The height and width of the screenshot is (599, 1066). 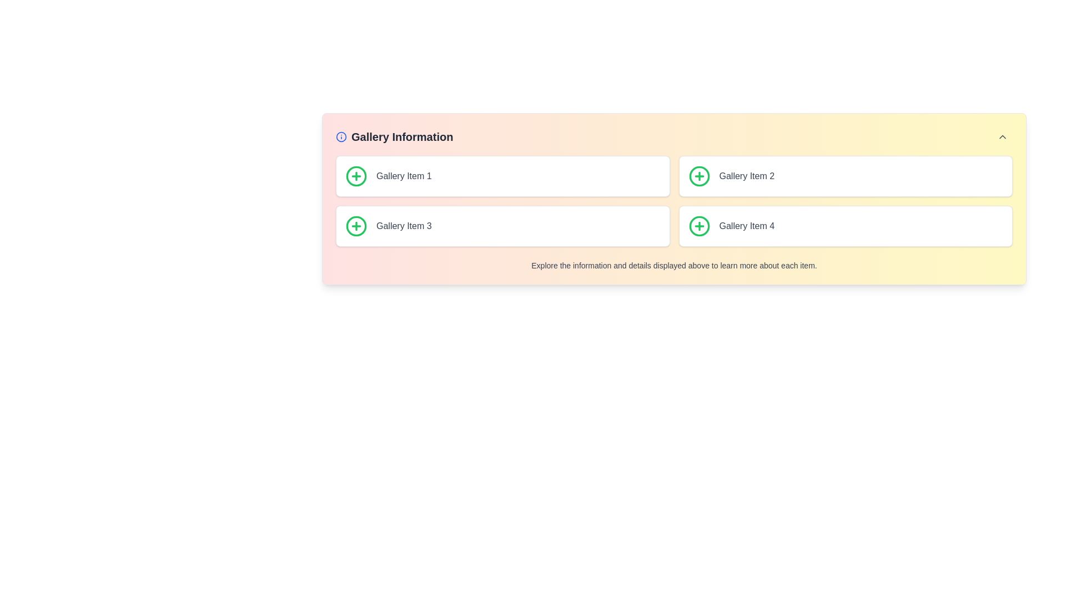 What do you see at coordinates (340, 136) in the screenshot?
I see `the blue information icon styled as a circle with an 'i' symbol inside, located to the left of the 'Gallery Information' text in the header section` at bounding box center [340, 136].